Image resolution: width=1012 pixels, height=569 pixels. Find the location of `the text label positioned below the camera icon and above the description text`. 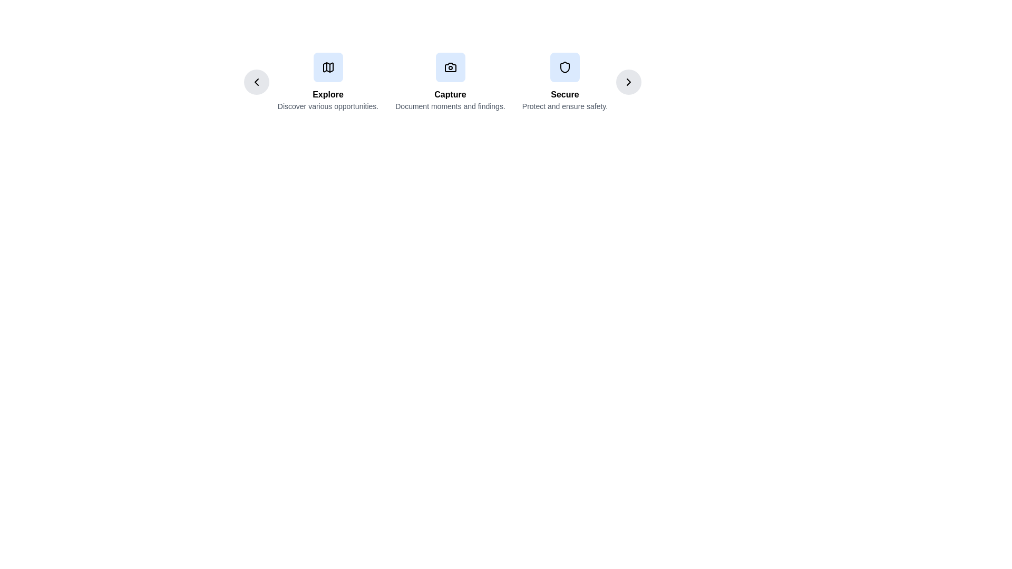

the text label positioned below the camera icon and above the description text is located at coordinates (450, 95).